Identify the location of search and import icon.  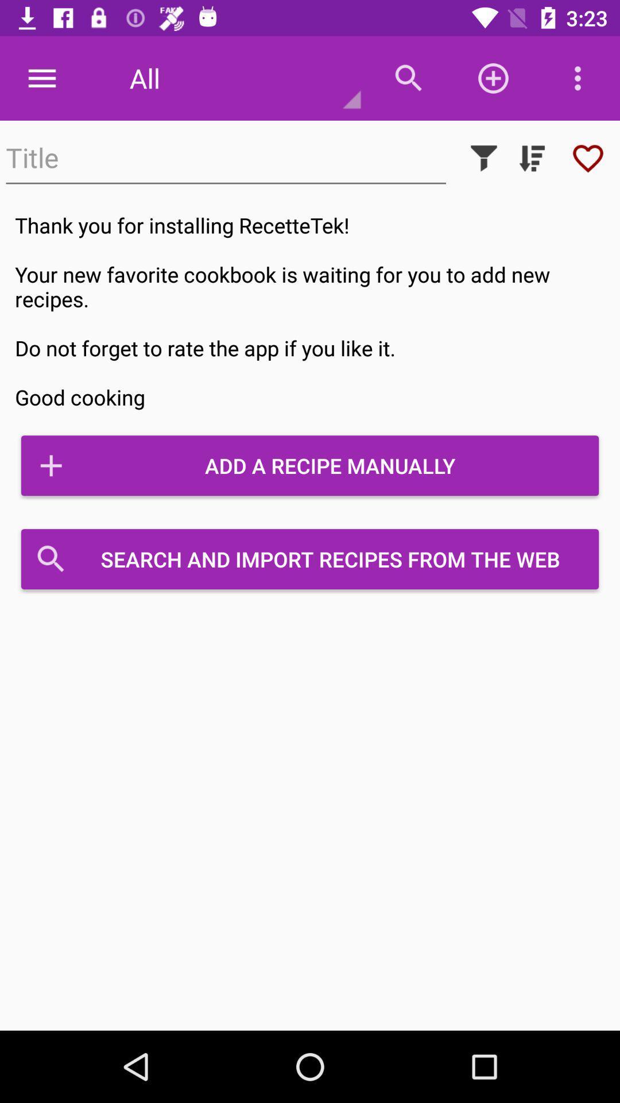
(310, 559).